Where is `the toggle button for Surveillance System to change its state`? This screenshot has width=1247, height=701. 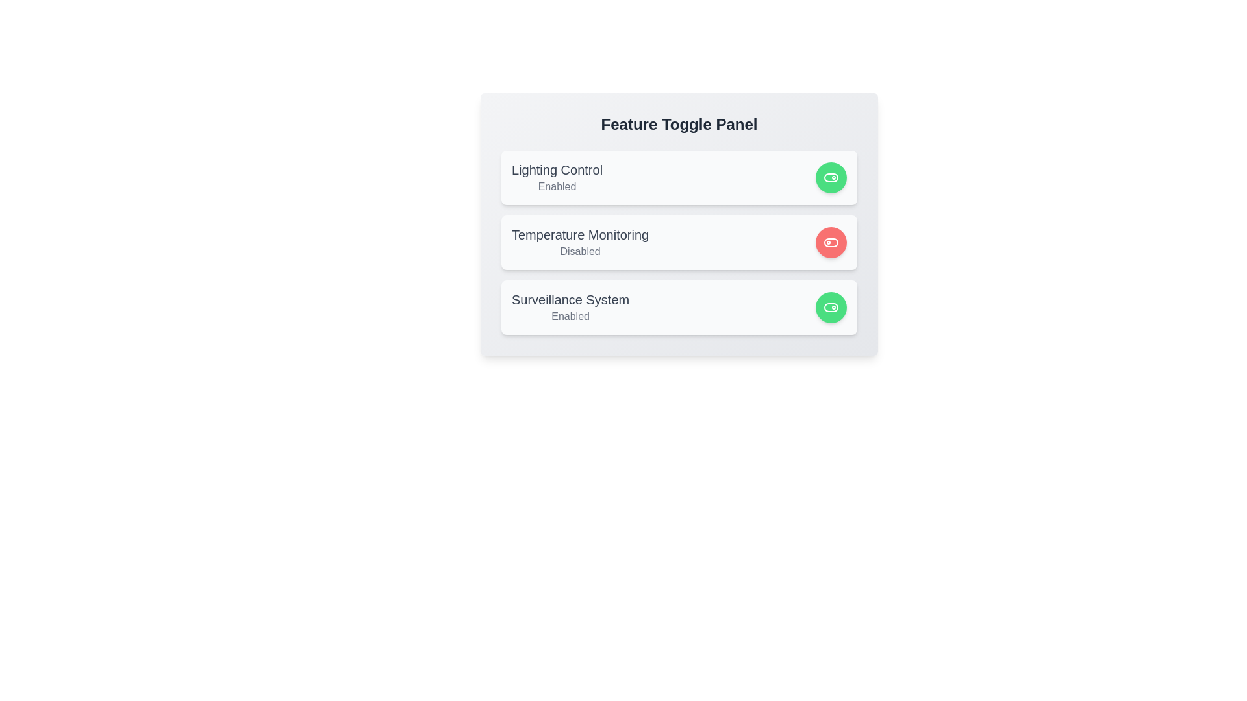
the toggle button for Surveillance System to change its state is located at coordinates (831, 308).